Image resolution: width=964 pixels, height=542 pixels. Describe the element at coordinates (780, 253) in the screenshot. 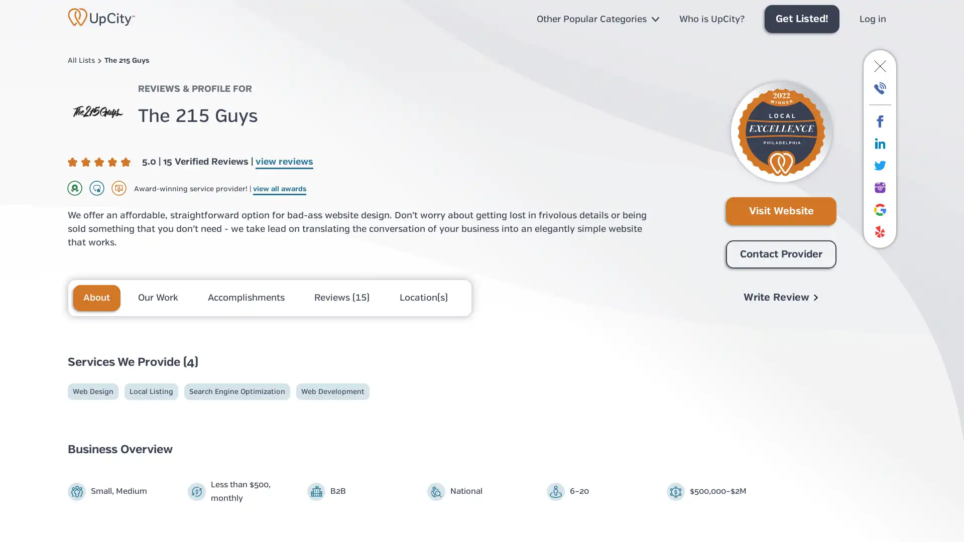

I see `Contact Provider` at that location.